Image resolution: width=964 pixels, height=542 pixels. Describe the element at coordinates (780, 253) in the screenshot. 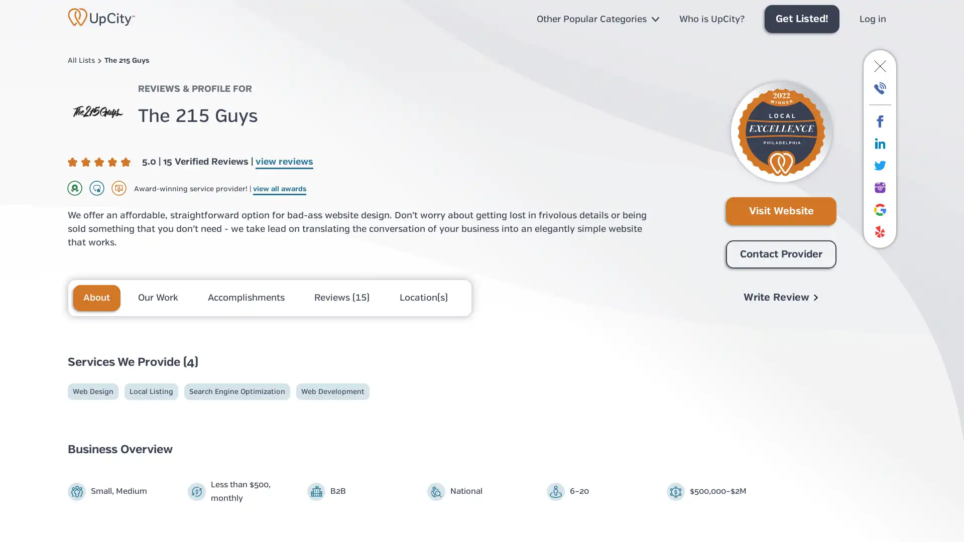

I see `Contact Provider` at that location.